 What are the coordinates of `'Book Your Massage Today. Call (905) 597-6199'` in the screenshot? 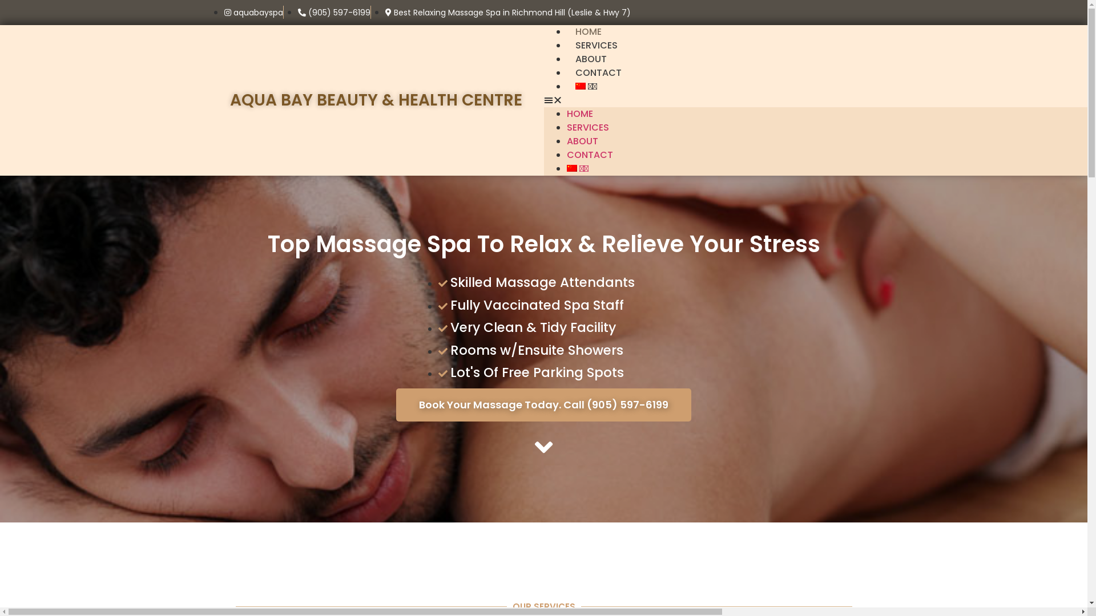 It's located at (543, 404).